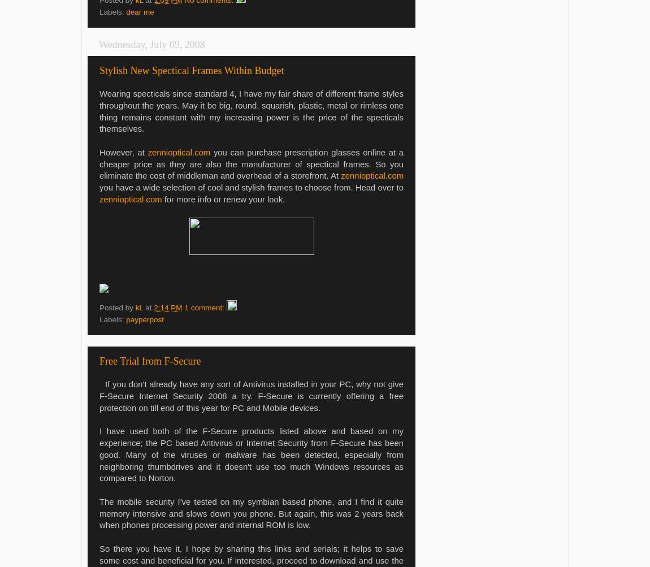  Describe the element at coordinates (192, 69) in the screenshot. I see `'Stylish New Spectical Frames Within Budget'` at that location.